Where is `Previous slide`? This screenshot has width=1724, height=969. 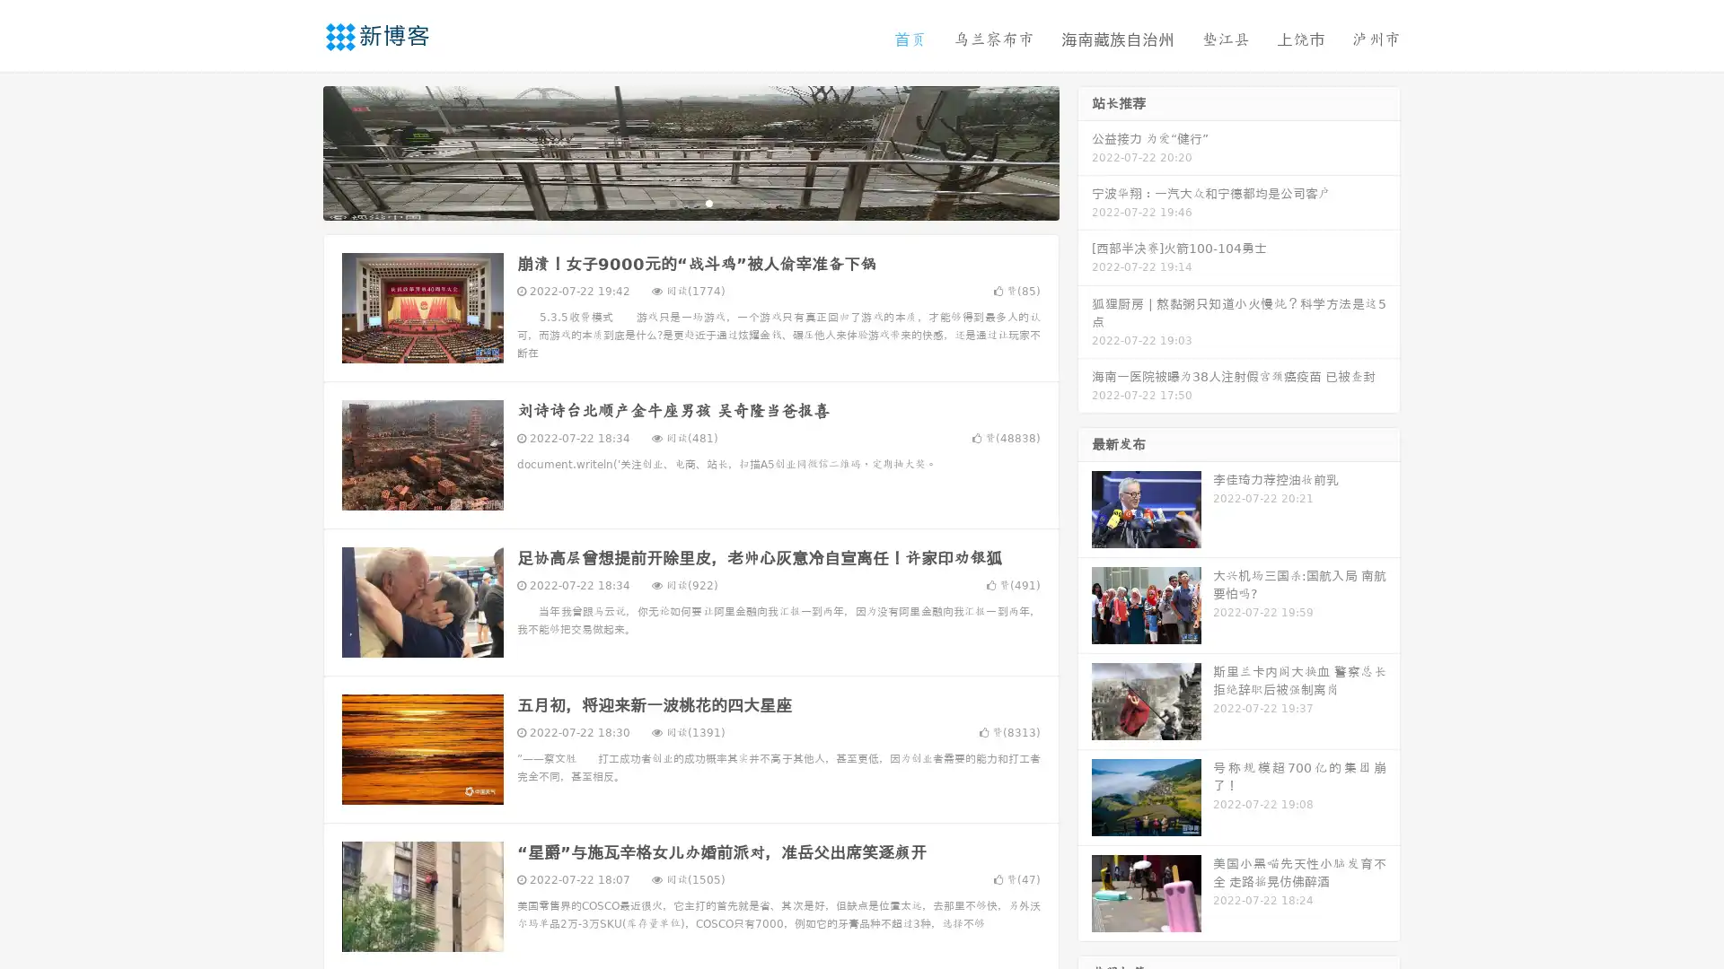 Previous slide is located at coordinates (296, 151).